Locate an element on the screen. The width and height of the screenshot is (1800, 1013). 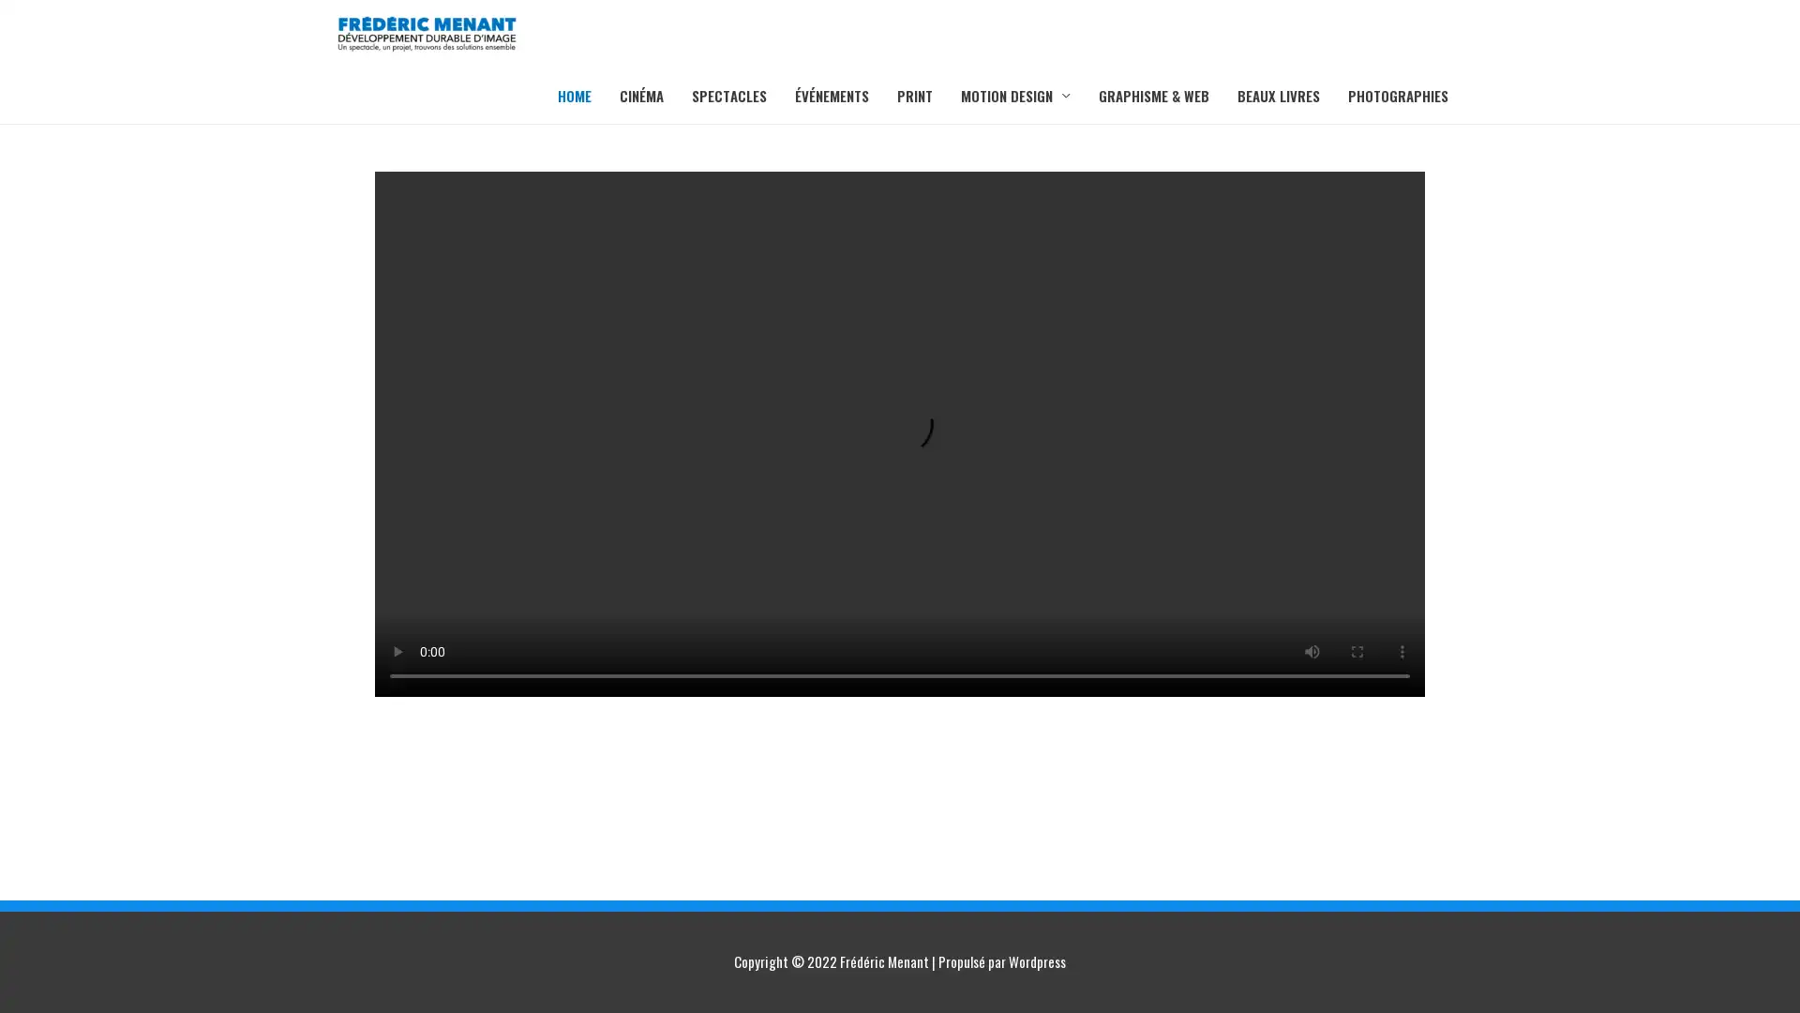
show more media controls is located at coordinates (1402, 650).